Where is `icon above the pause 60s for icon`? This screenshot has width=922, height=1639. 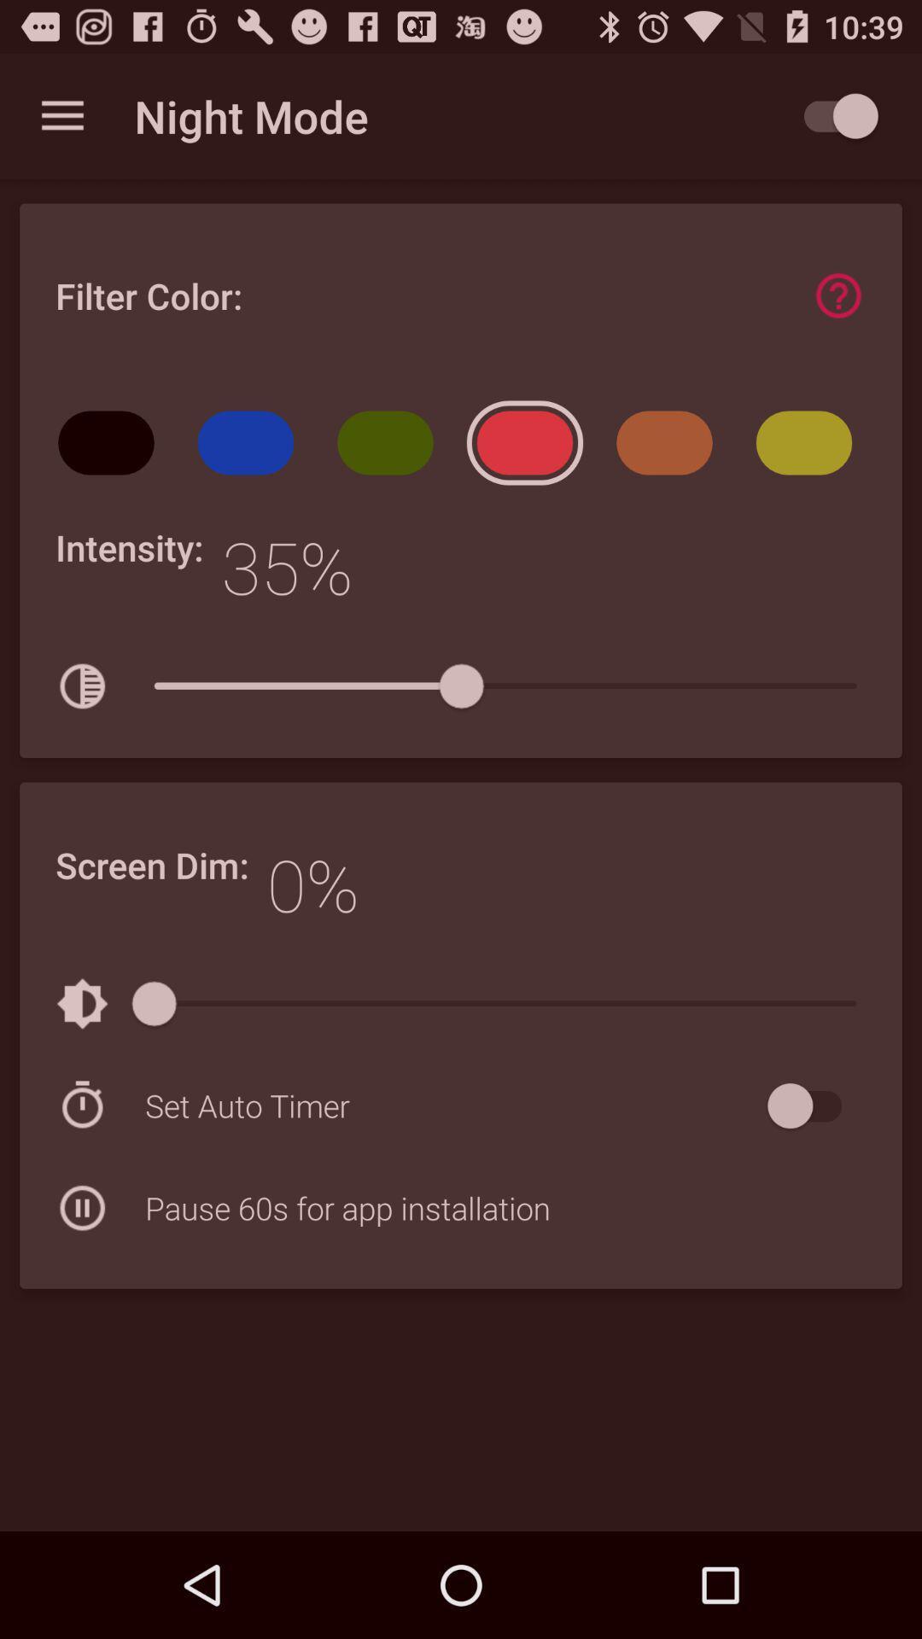
icon above the pause 60s for icon is located at coordinates (452, 1105).